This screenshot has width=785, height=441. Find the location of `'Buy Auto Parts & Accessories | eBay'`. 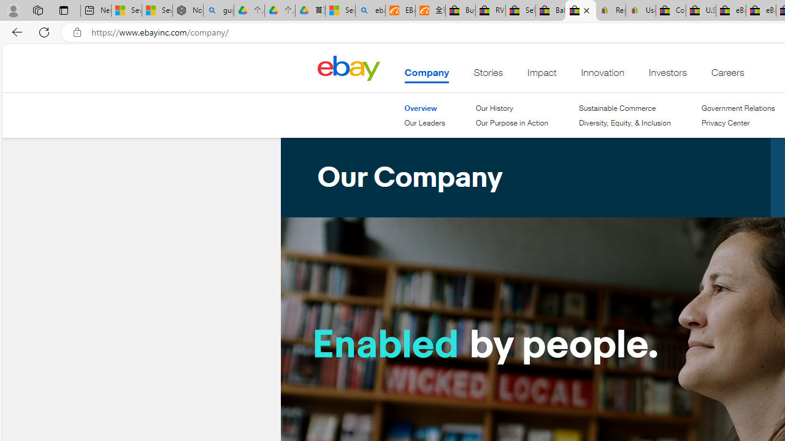

'Buy Auto Parts & Accessories | eBay' is located at coordinates (459, 10).